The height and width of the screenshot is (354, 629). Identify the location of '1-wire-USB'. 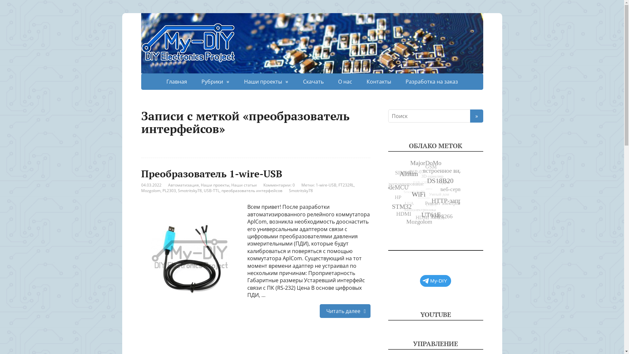
(326, 185).